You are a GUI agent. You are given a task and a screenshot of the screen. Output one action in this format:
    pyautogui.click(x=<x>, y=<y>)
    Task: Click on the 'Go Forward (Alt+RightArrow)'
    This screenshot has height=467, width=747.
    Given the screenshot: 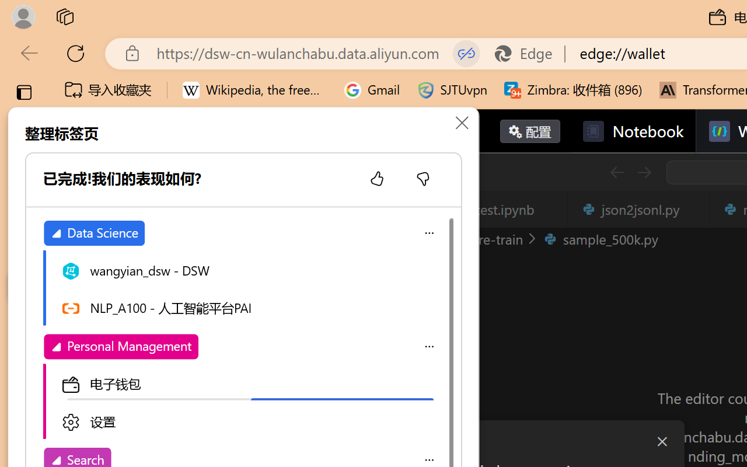 What is the action you would take?
    pyautogui.click(x=643, y=172)
    